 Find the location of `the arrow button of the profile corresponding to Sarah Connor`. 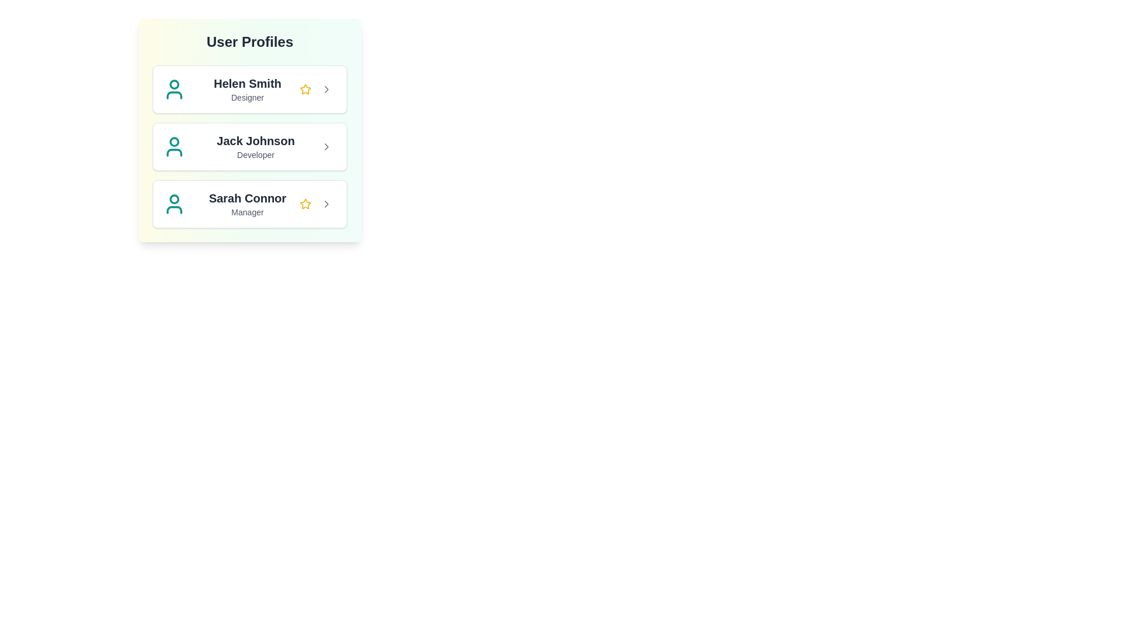

the arrow button of the profile corresponding to Sarah Connor is located at coordinates (326, 203).